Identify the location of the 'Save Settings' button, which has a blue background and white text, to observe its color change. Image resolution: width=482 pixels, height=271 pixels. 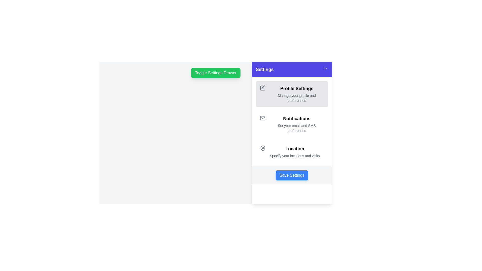
(292, 175).